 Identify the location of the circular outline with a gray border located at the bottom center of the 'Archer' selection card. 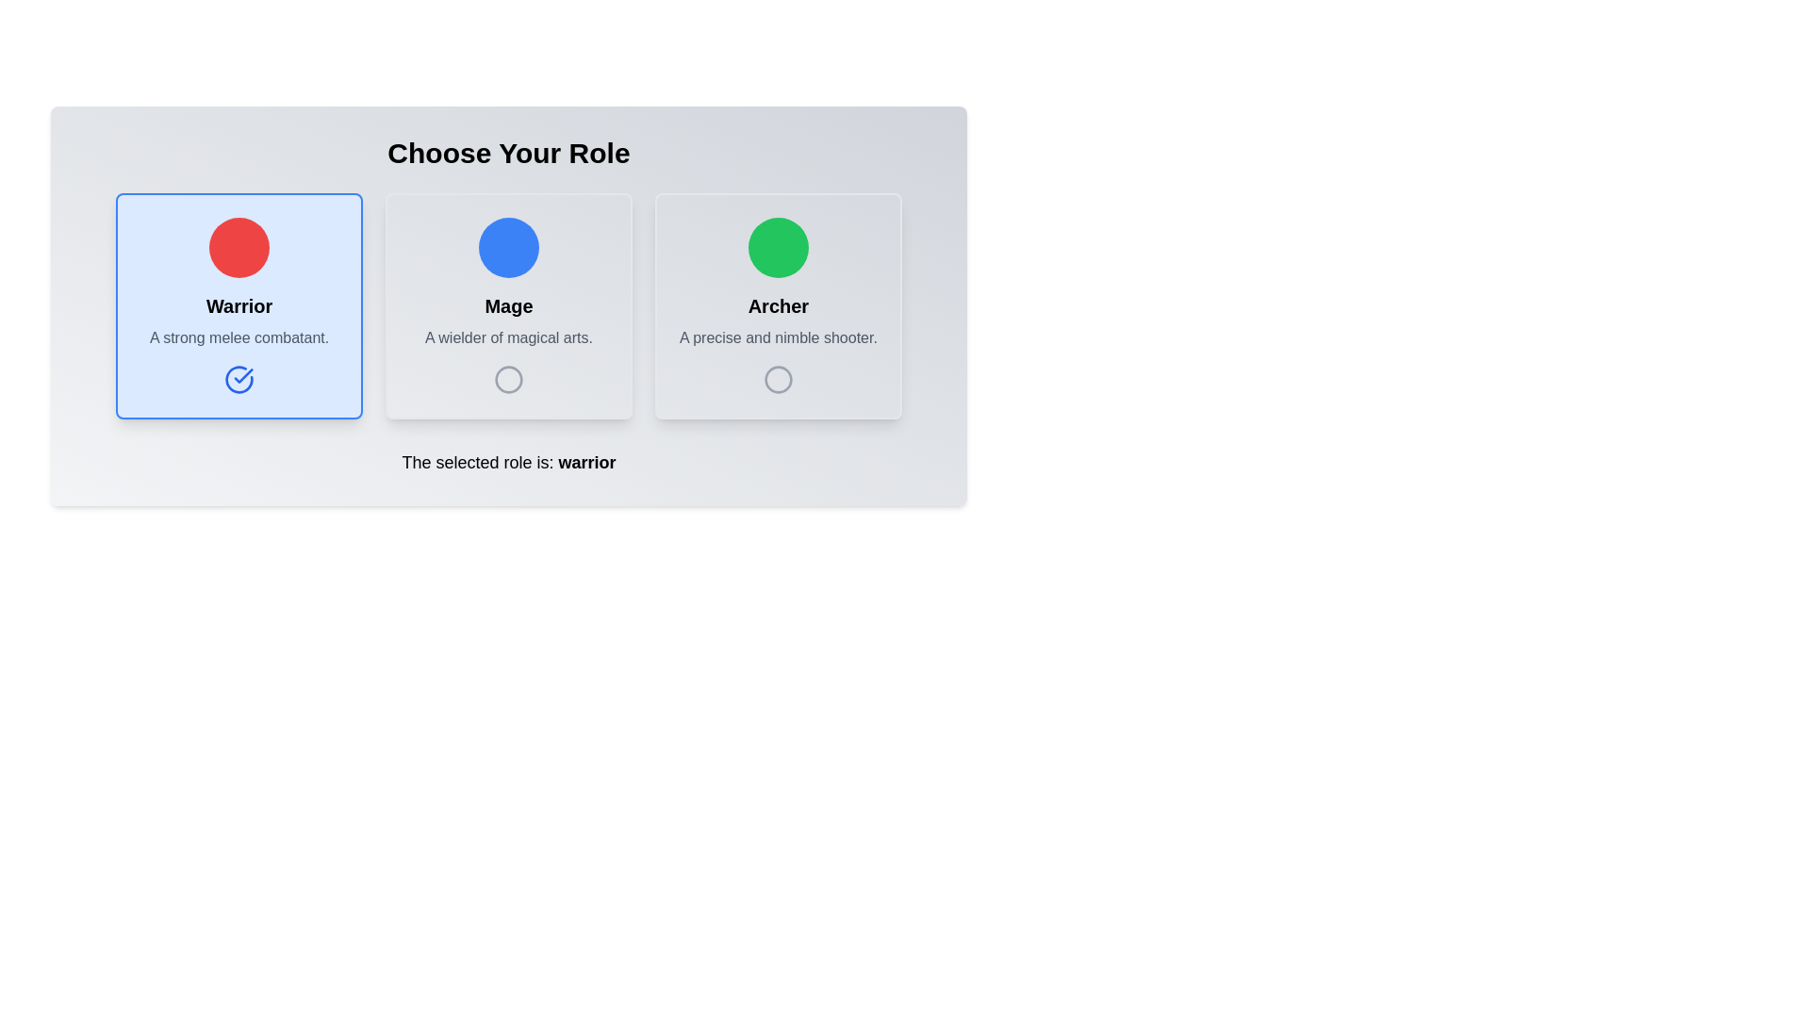
(778, 379).